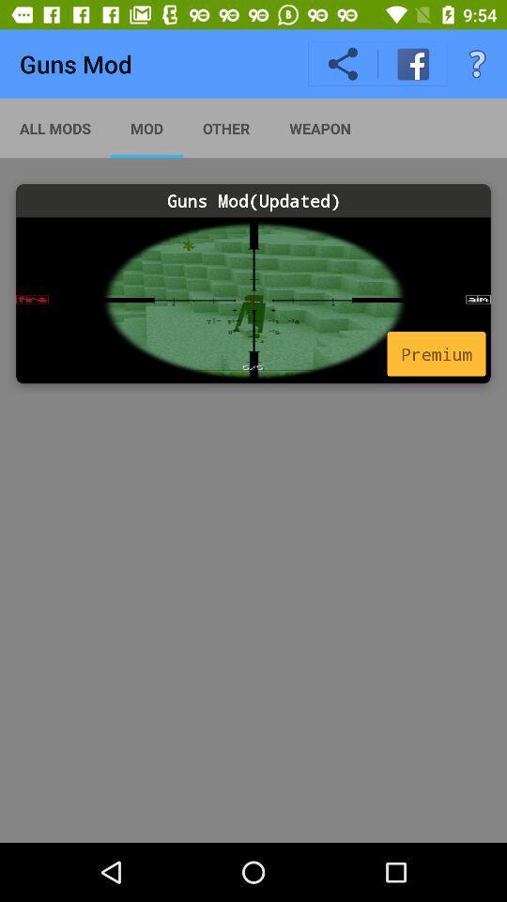 The image size is (507, 902). Describe the element at coordinates (319, 127) in the screenshot. I see `the weapon item` at that location.